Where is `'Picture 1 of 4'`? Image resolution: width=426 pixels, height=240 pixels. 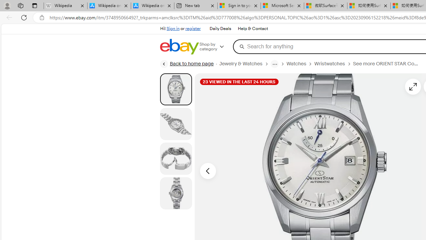
'Picture 1 of 4' is located at coordinates (176, 89).